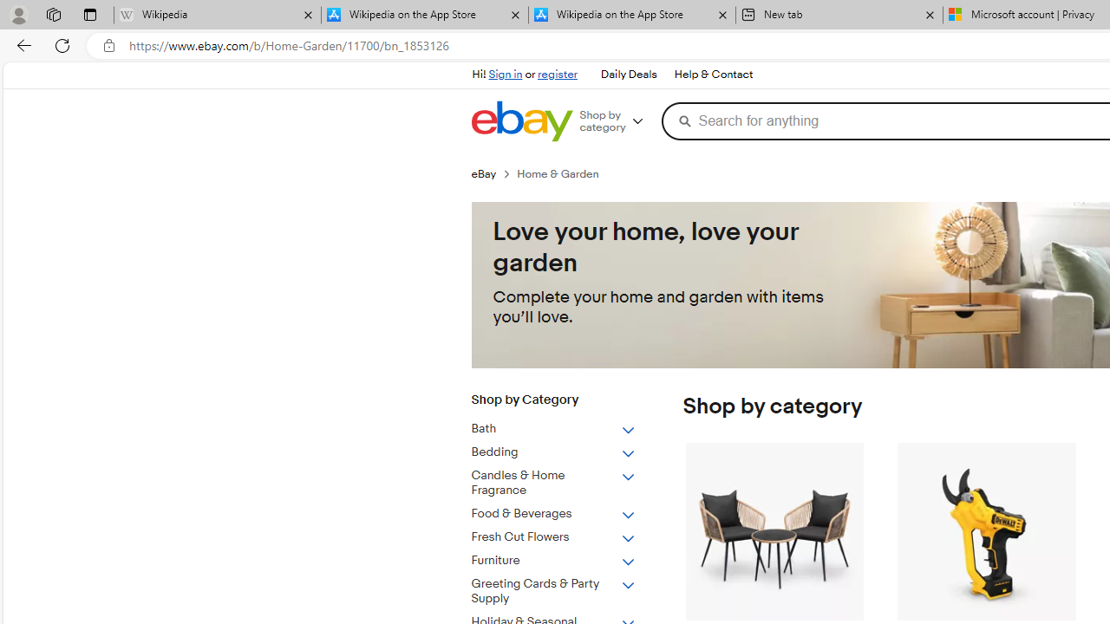  I want to click on 'Candles & Home Fragrance', so click(552, 484).